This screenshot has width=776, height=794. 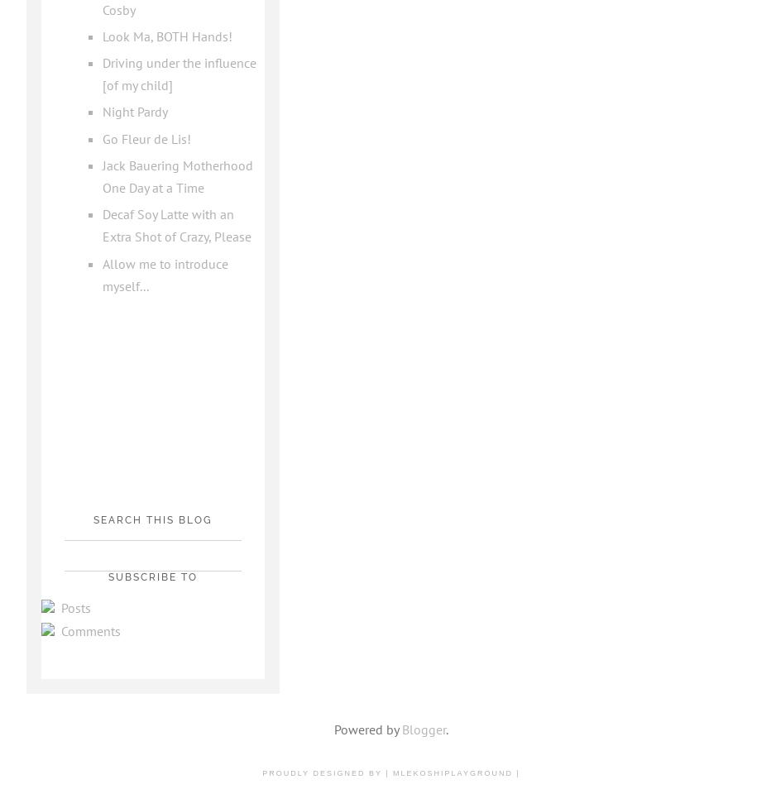 What do you see at coordinates (164, 274) in the screenshot?
I see `'Allow me to introduce myself...'` at bounding box center [164, 274].